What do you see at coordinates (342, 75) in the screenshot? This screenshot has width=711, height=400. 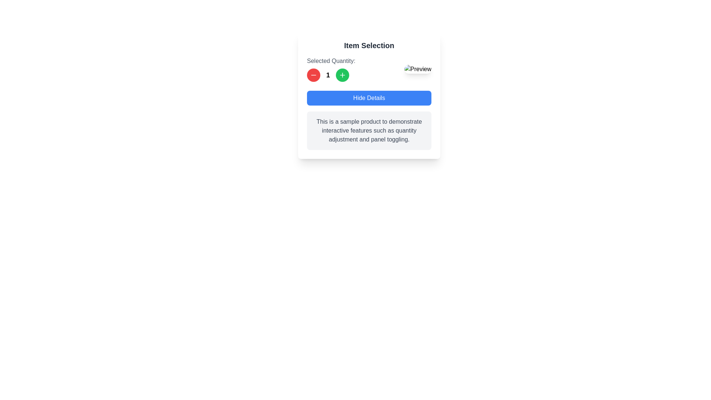 I see `the green increment button located to the right of the decrement button and above the numeric indicator to observe the hover effect` at bounding box center [342, 75].